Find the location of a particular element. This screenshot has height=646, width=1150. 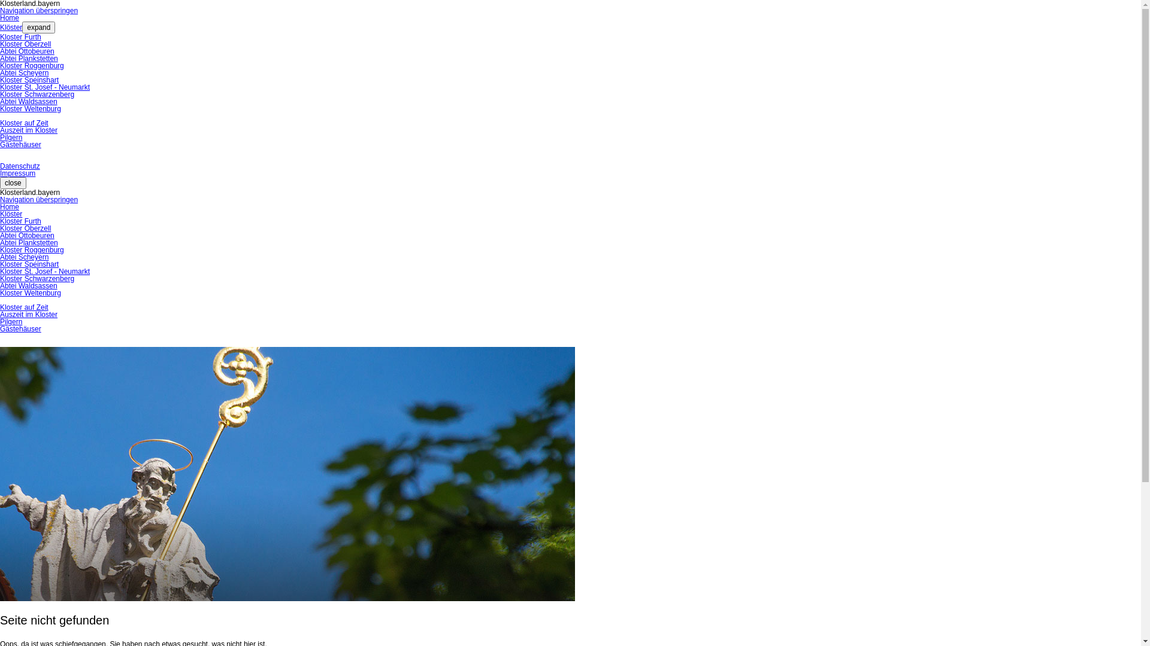

'Datenschutz' is located at coordinates (20, 166).